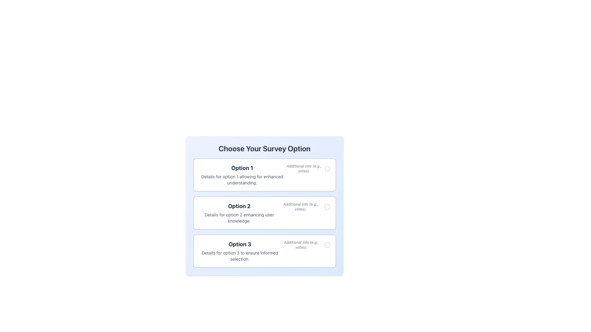 This screenshot has width=591, height=332. Describe the element at coordinates (264, 213) in the screenshot. I see `the Selectable Option Card titled 'Option 2' to interact with it, which is the second card in a vertical stack of three options` at that location.